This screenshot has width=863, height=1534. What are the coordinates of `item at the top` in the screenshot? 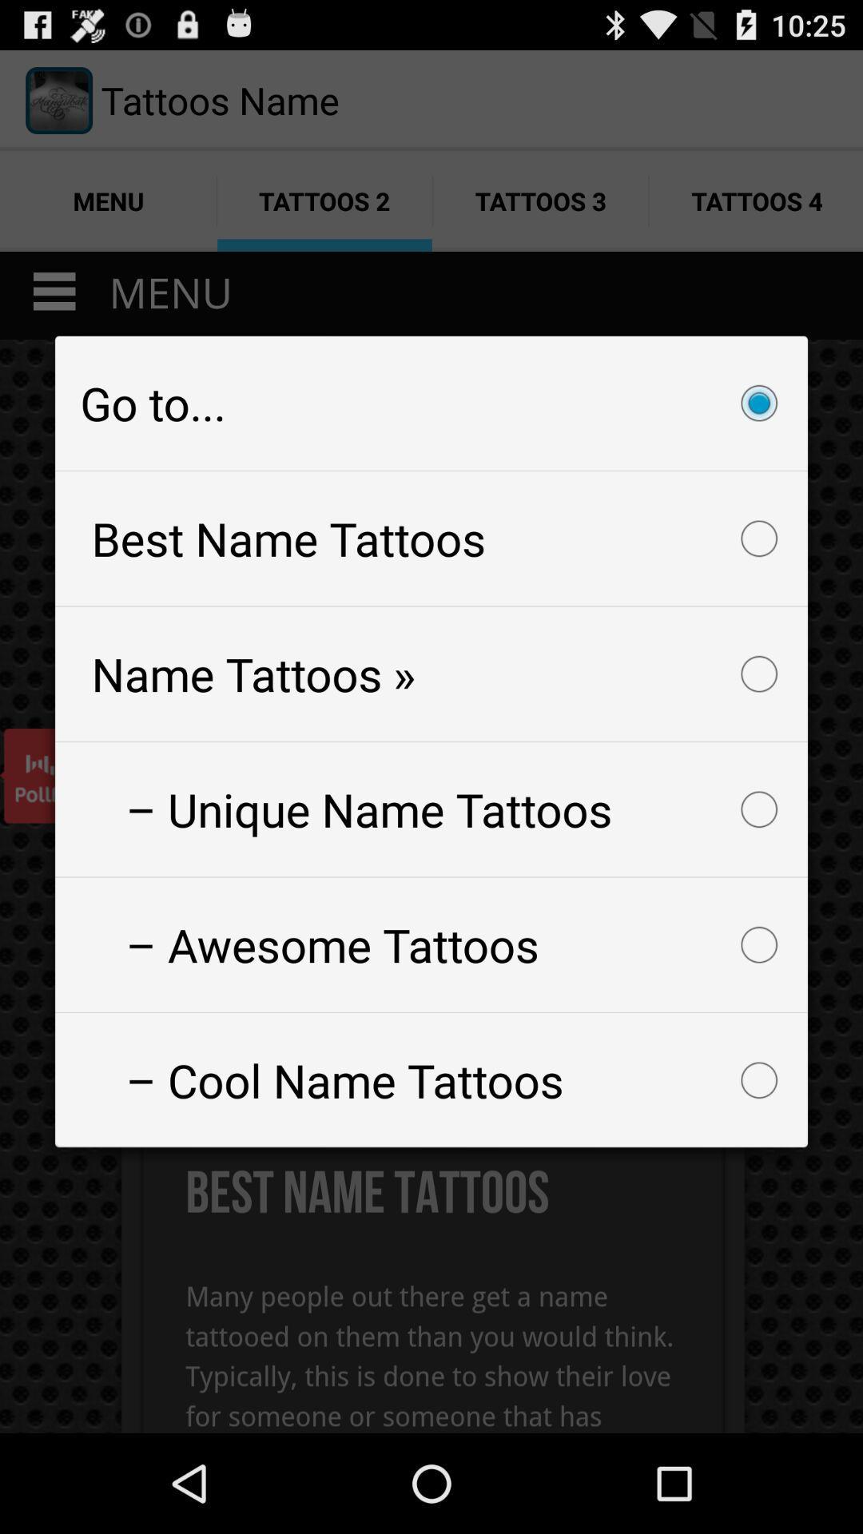 It's located at (431, 403).